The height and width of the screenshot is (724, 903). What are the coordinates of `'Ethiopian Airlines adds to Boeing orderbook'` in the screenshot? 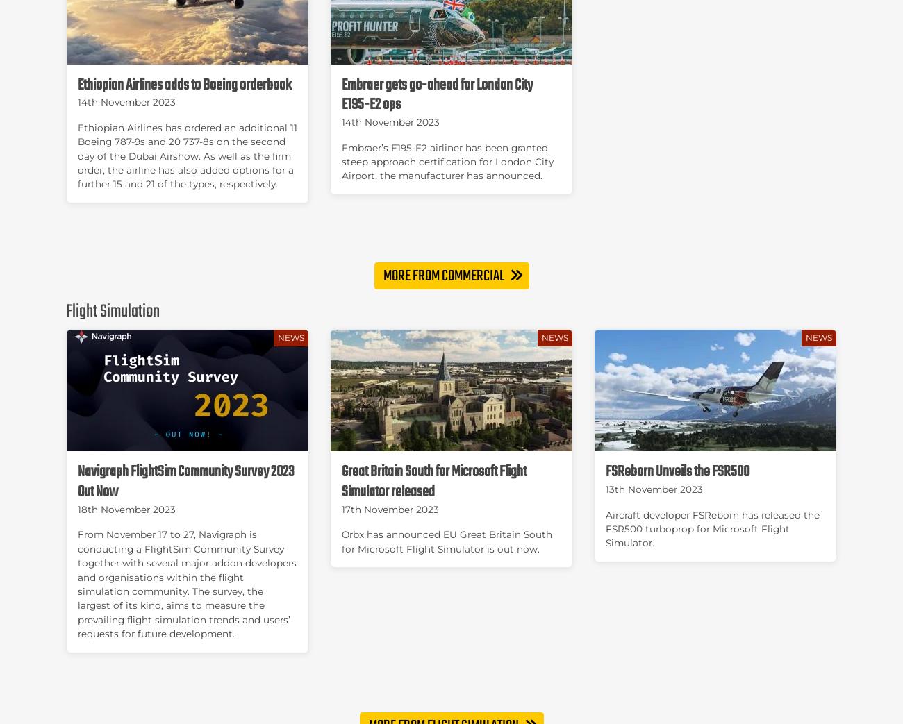 It's located at (183, 85).